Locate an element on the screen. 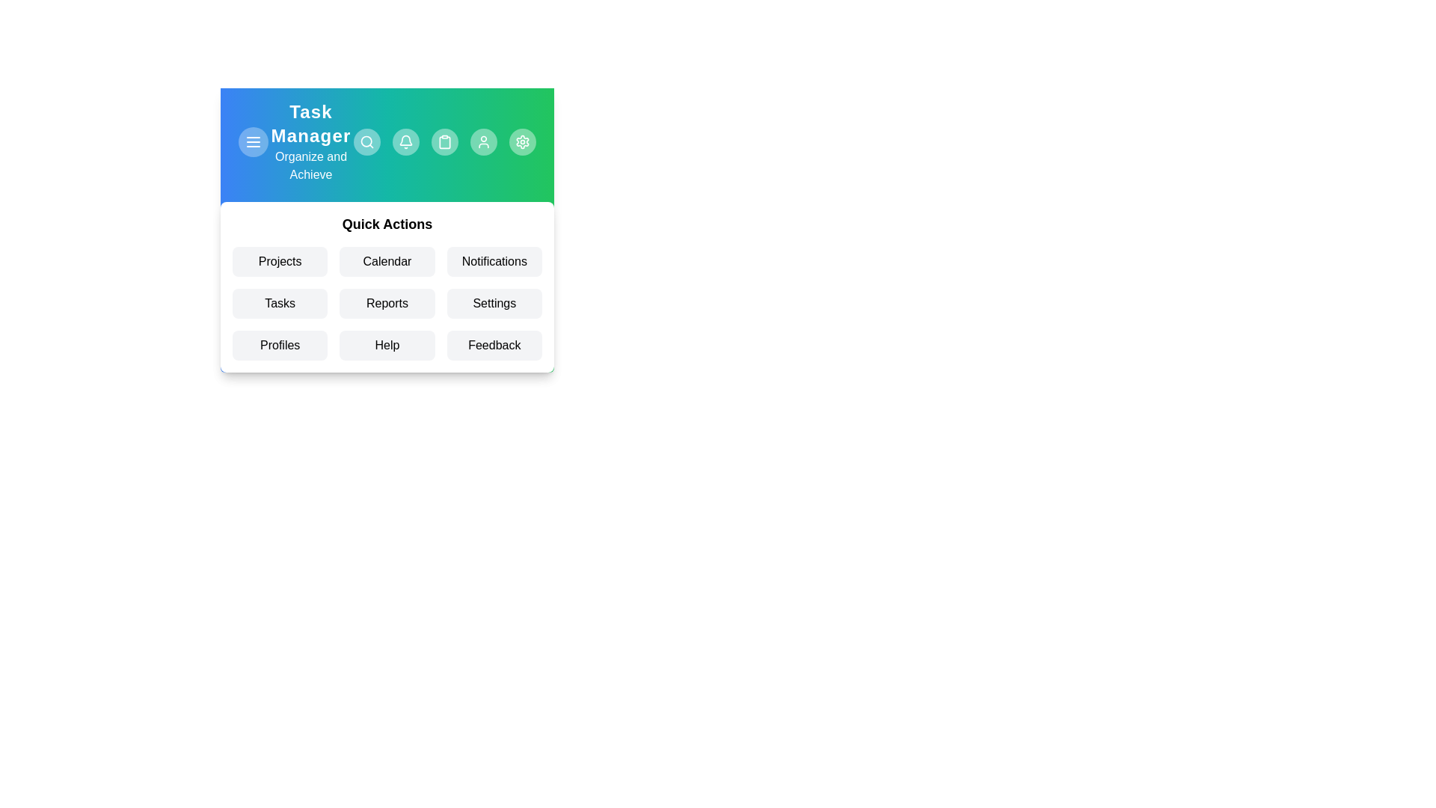 This screenshot has width=1436, height=808. the app bar button labeled Clipboard is located at coordinates (444, 141).